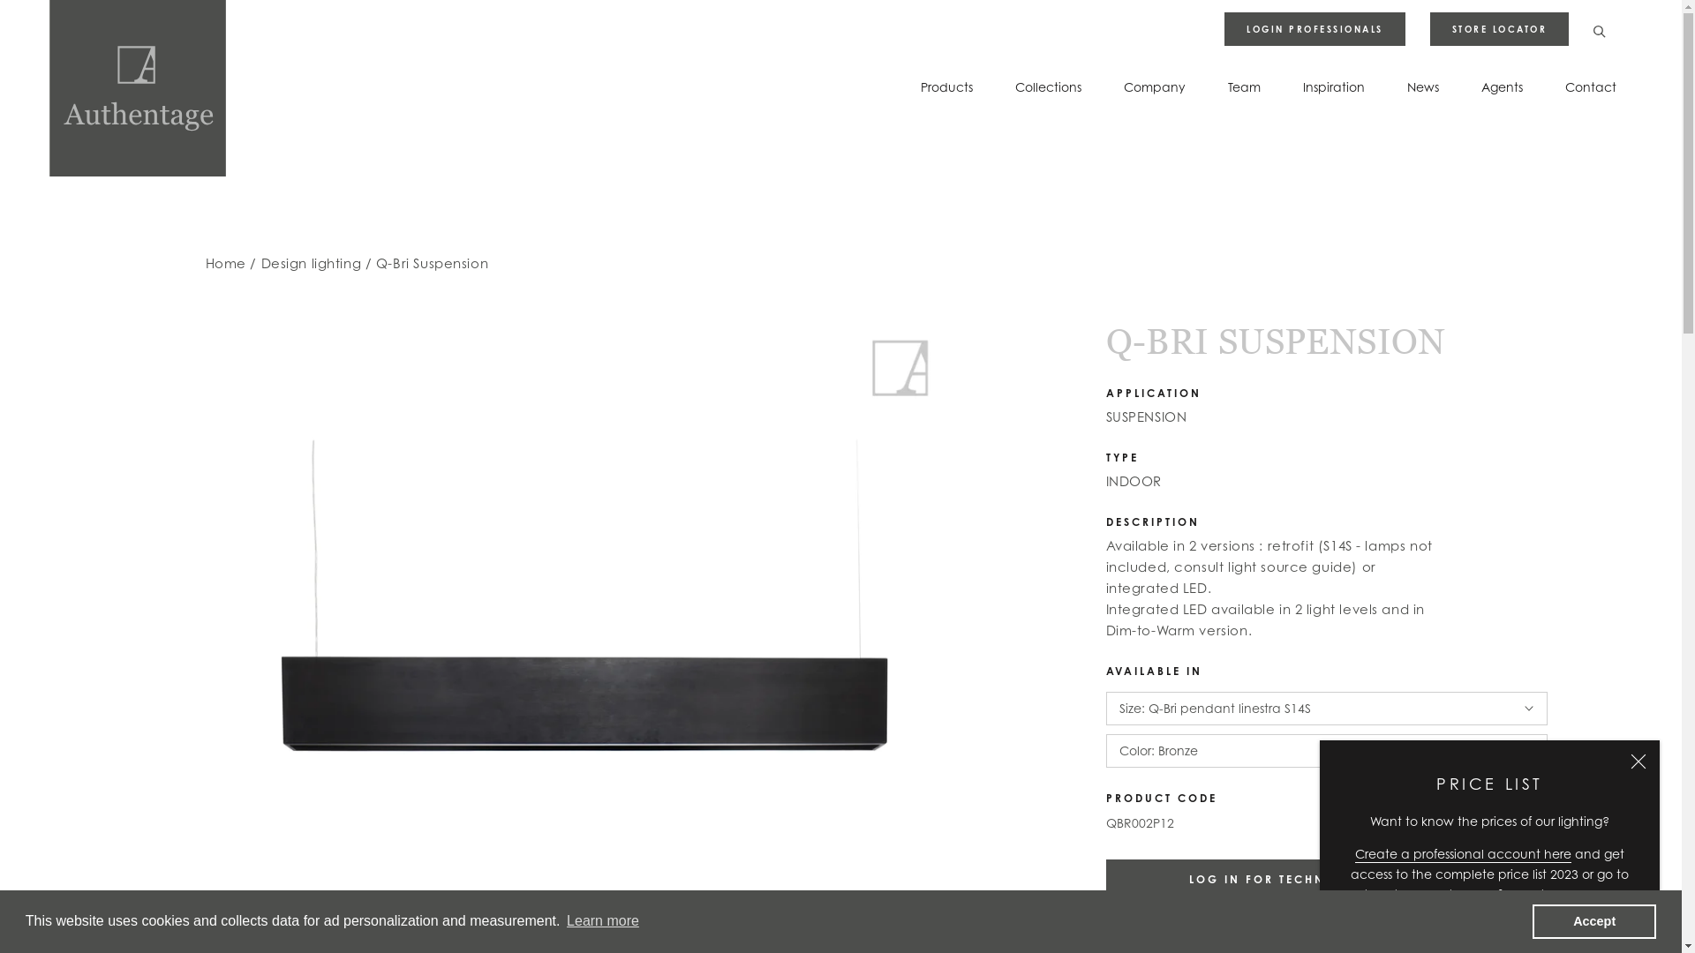  I want to click on 'LOGIN PROFESSIONALS', so click(1224, 29).